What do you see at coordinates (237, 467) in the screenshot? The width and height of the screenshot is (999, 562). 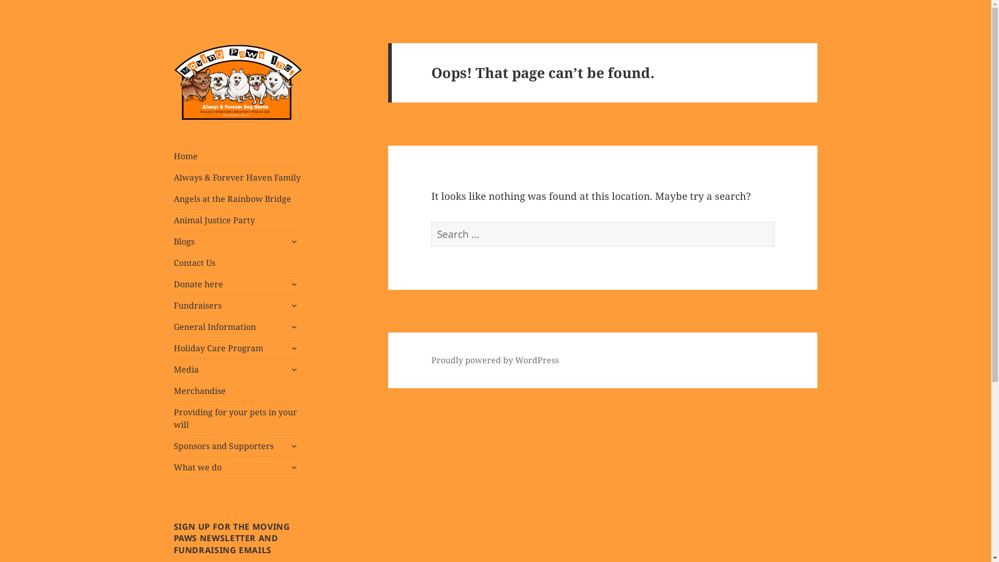 I see `'What we do'` at bounding box center [237, 467].